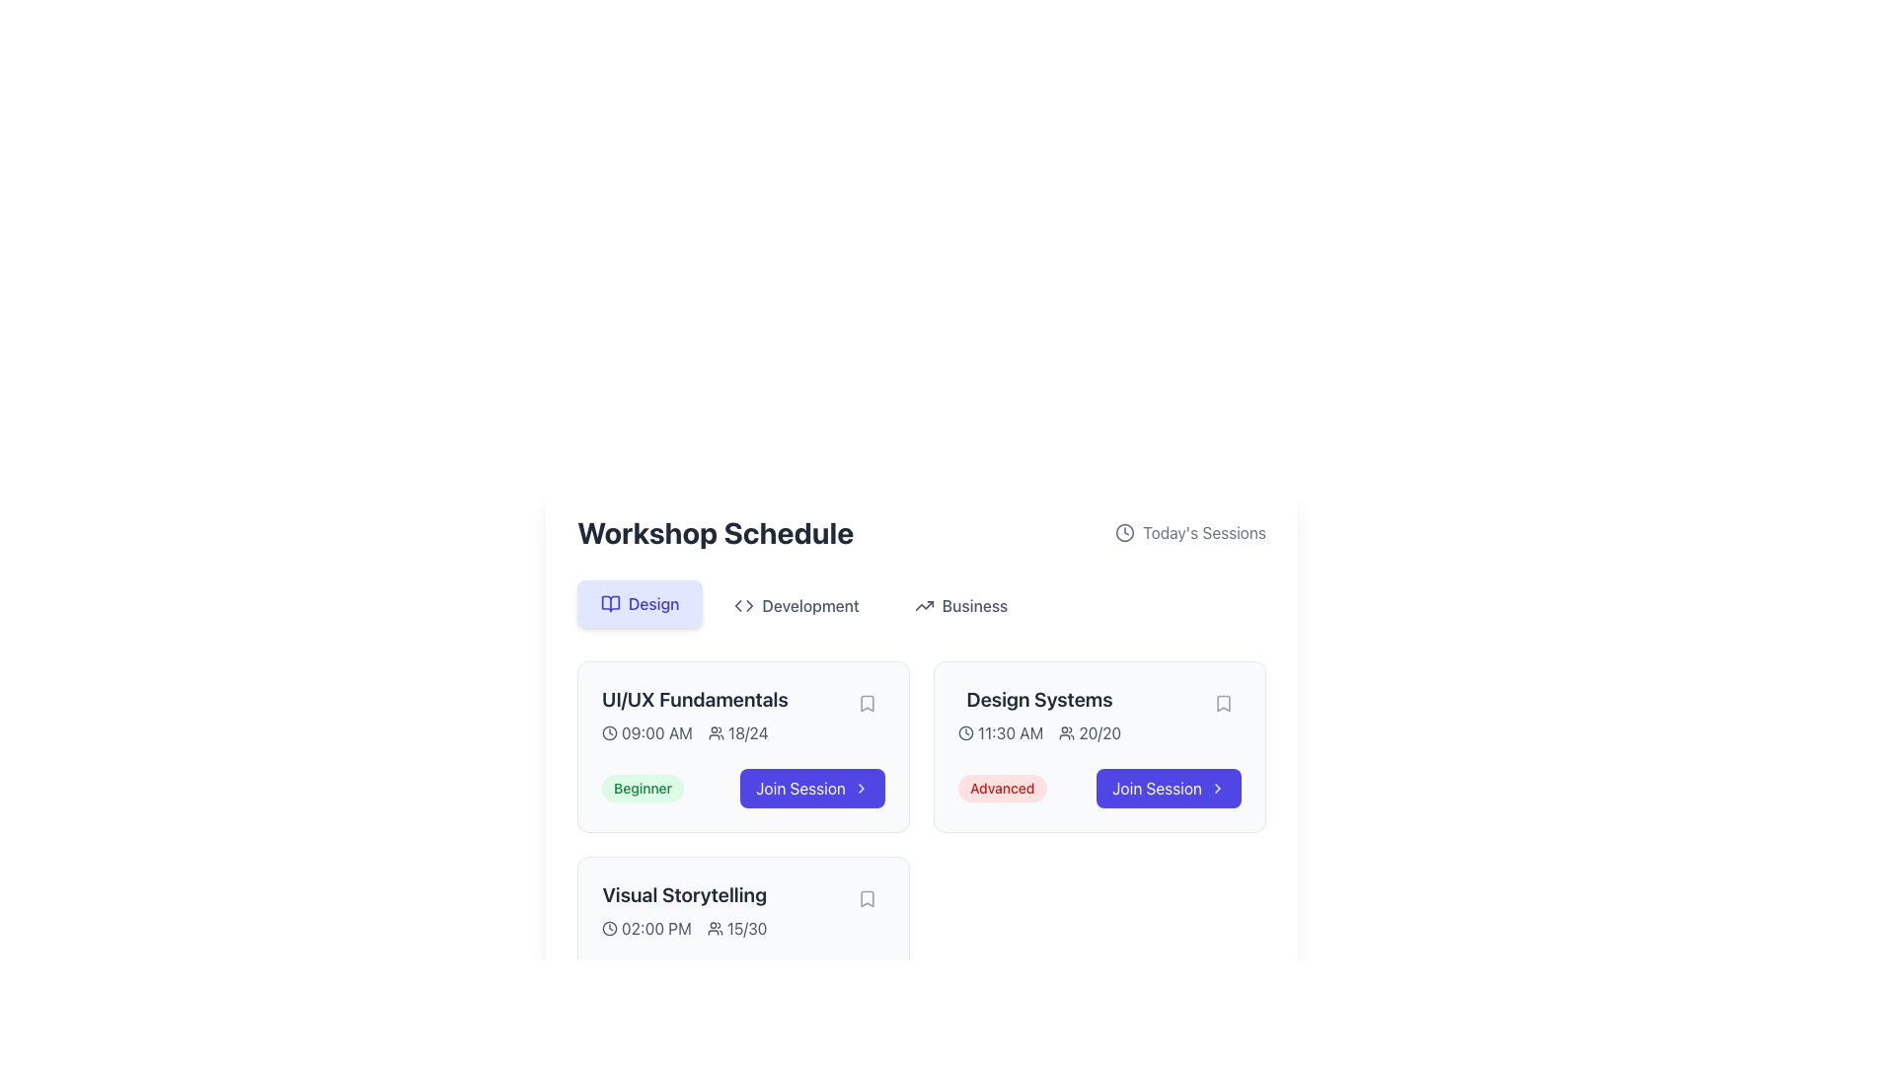 The width and height of the screenshot is (1895, 1066). I want to click on the informational text block located in the second session card of the 'Design' category in the 'Workshop Schedule' section, so click(1099, 716).